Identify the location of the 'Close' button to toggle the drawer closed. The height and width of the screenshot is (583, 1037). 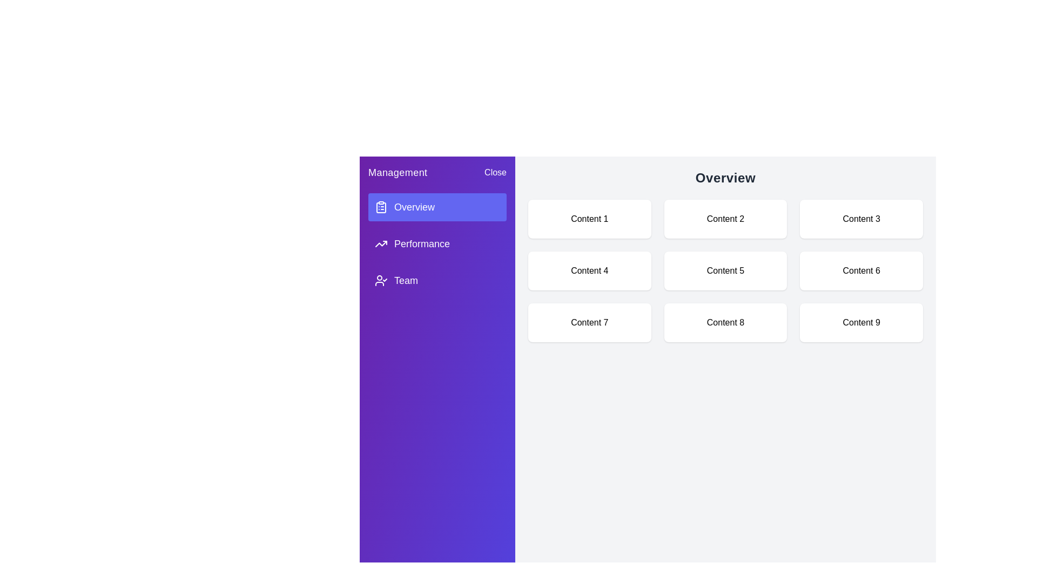
(495, 172).